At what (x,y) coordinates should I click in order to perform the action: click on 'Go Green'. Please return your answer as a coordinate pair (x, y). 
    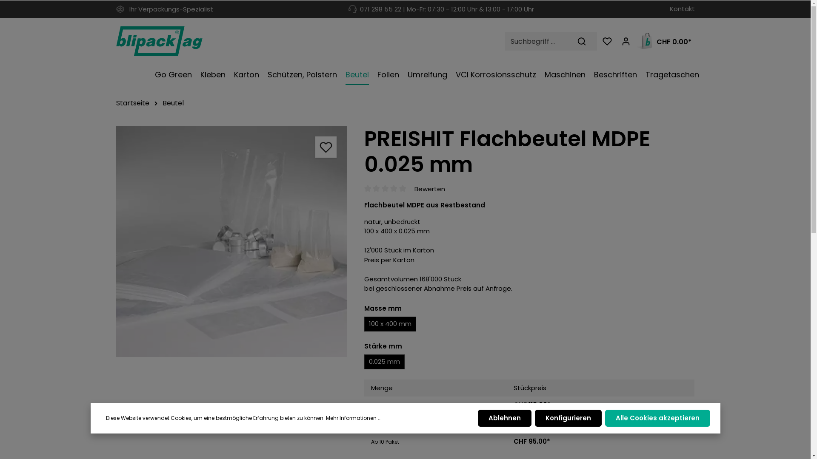
    Looking at the image, I should click on (151, 74).